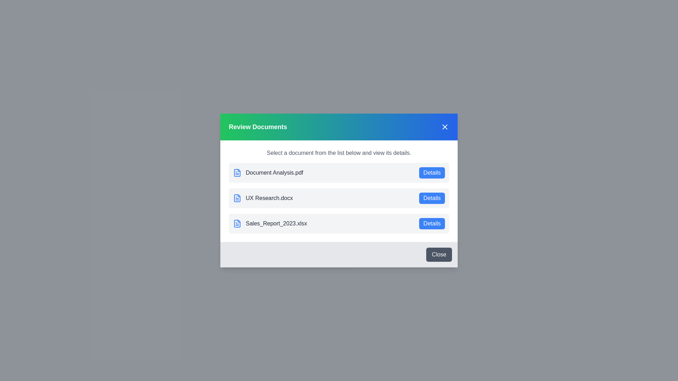  Describe the element at coordinates (432, 198) in the screenshot. I see `the details button for UX Research.docx to view its details` at that location.